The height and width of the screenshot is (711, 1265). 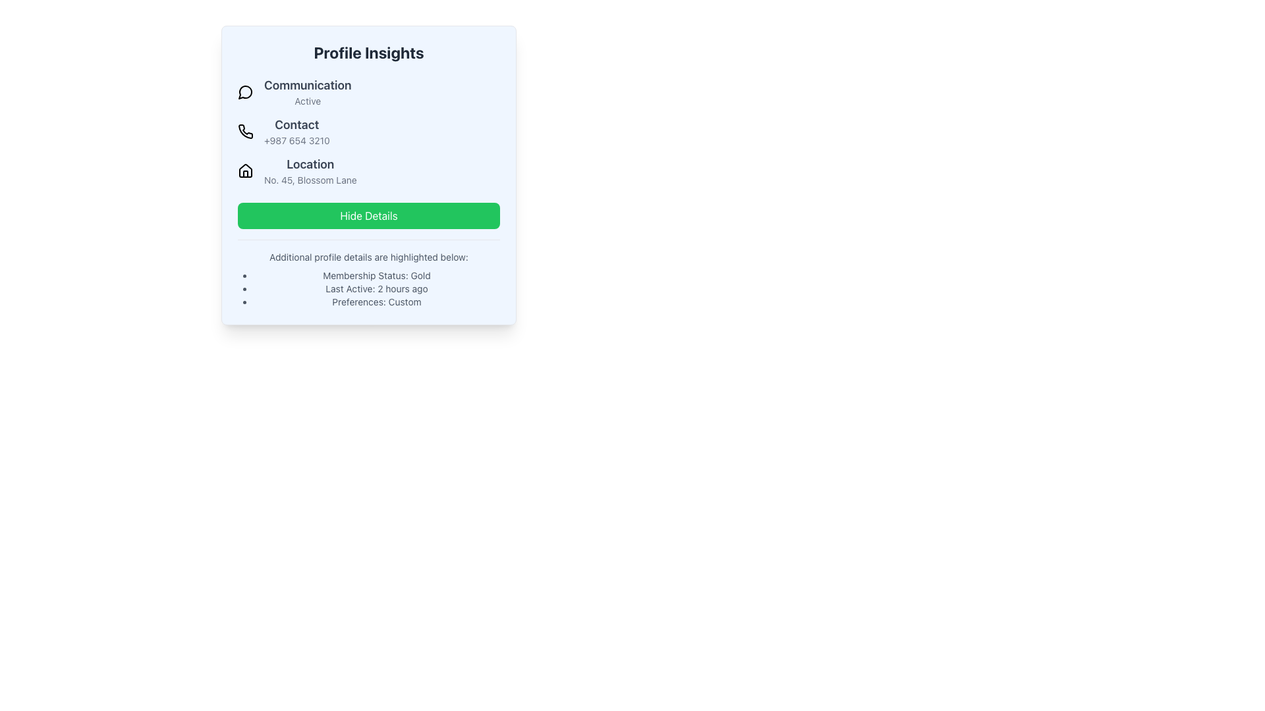 I want to click on the 'Hide Details' button with a green background and white text located within the 'Profile Insights' panel to hide the additional details, so click(x=369, y=215).